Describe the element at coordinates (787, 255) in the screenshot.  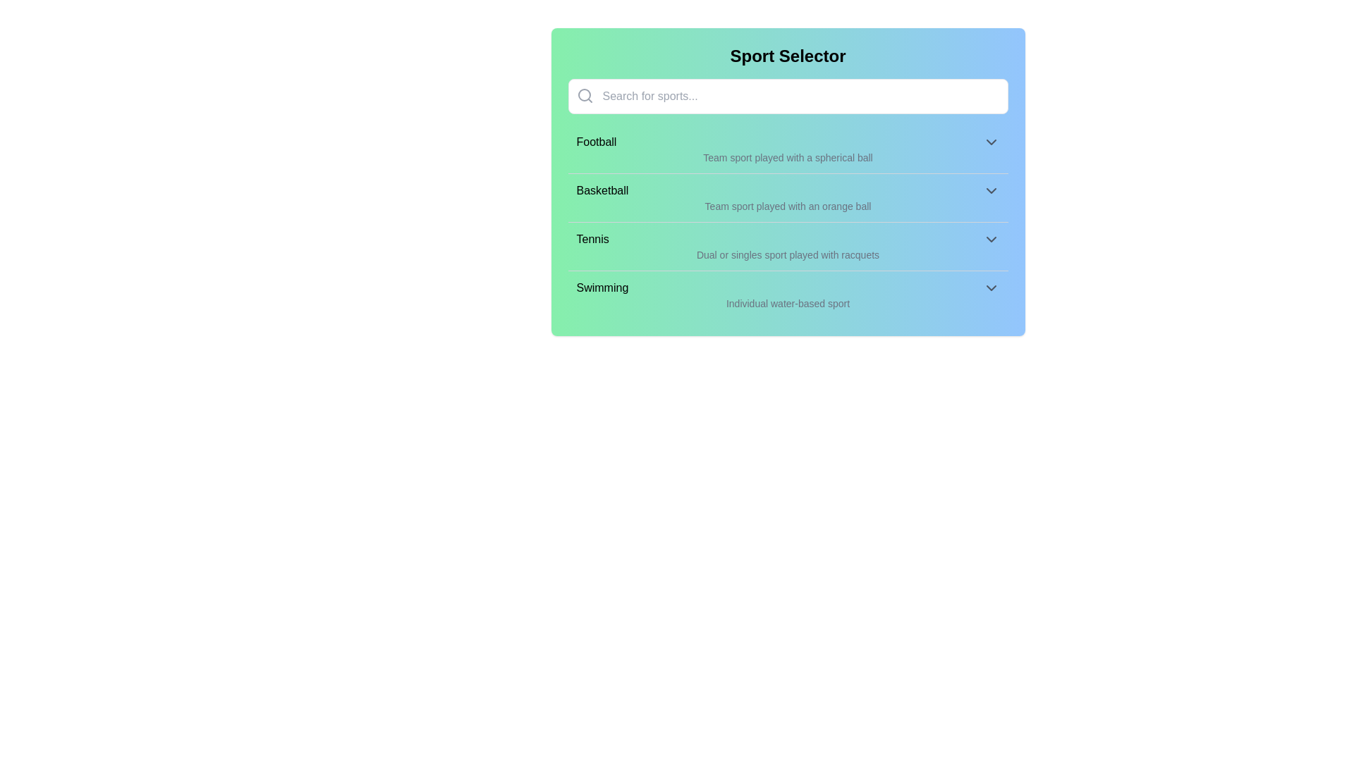
I see `the text label providing additional context for the 'Tennis' category in the dropdown menu, located beneath the main 'Tennis' text` at that location.